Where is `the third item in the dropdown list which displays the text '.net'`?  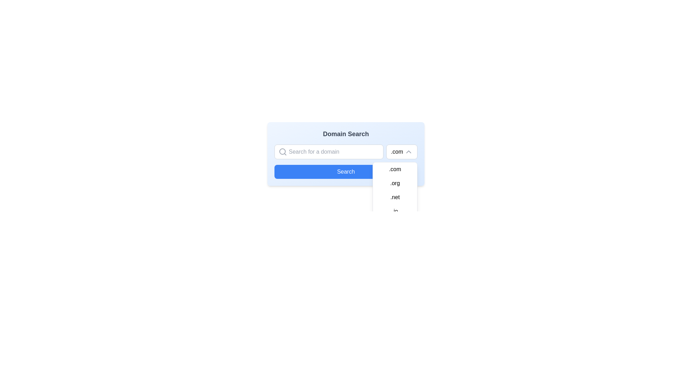
the third item in the dropdown list which displays the text '.net' is located at coordinates (395, 197).